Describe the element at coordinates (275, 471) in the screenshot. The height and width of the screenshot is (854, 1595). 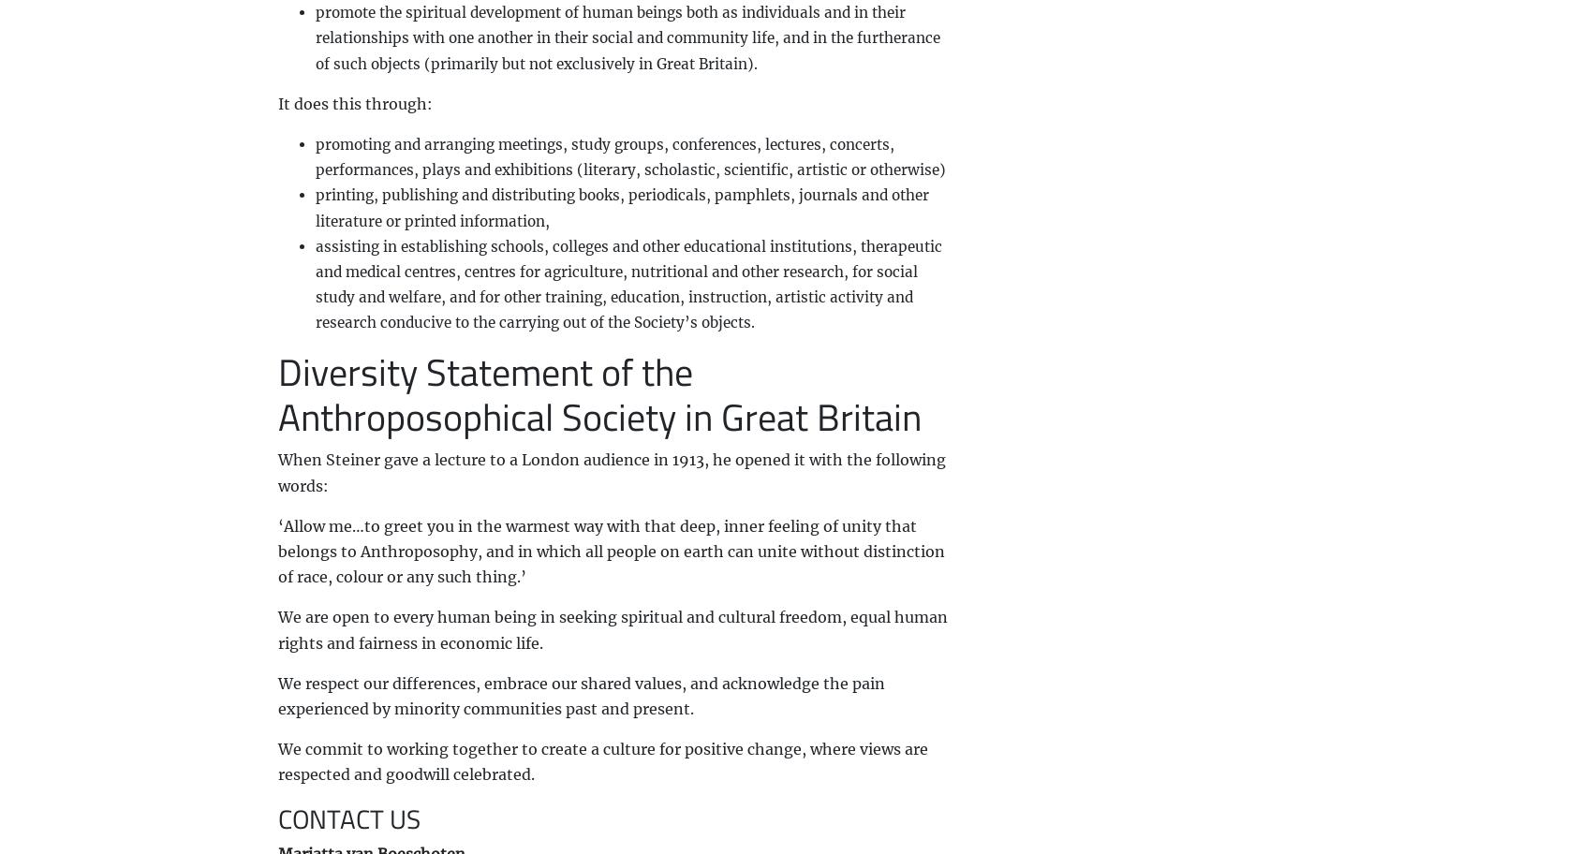
I see `'When Steiner gave a lecture to a London audience in 1913, he opened it with the following words:'` at that location.